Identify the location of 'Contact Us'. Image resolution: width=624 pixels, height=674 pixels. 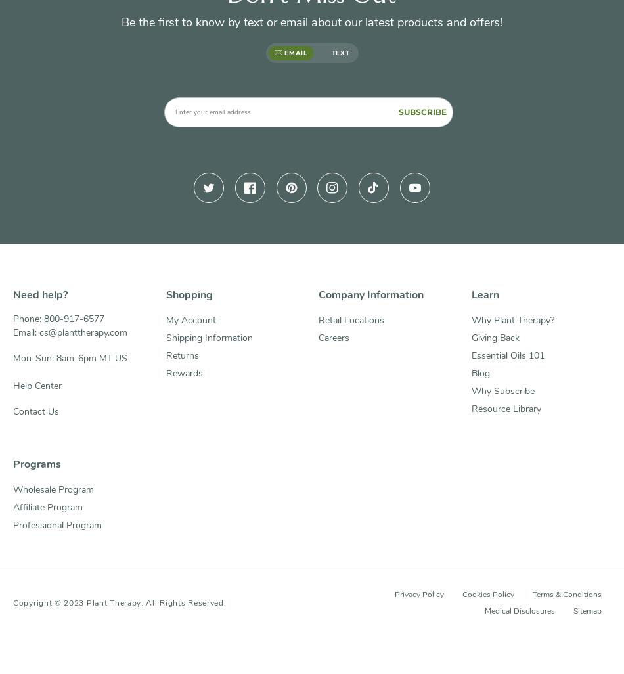
(36, 411).